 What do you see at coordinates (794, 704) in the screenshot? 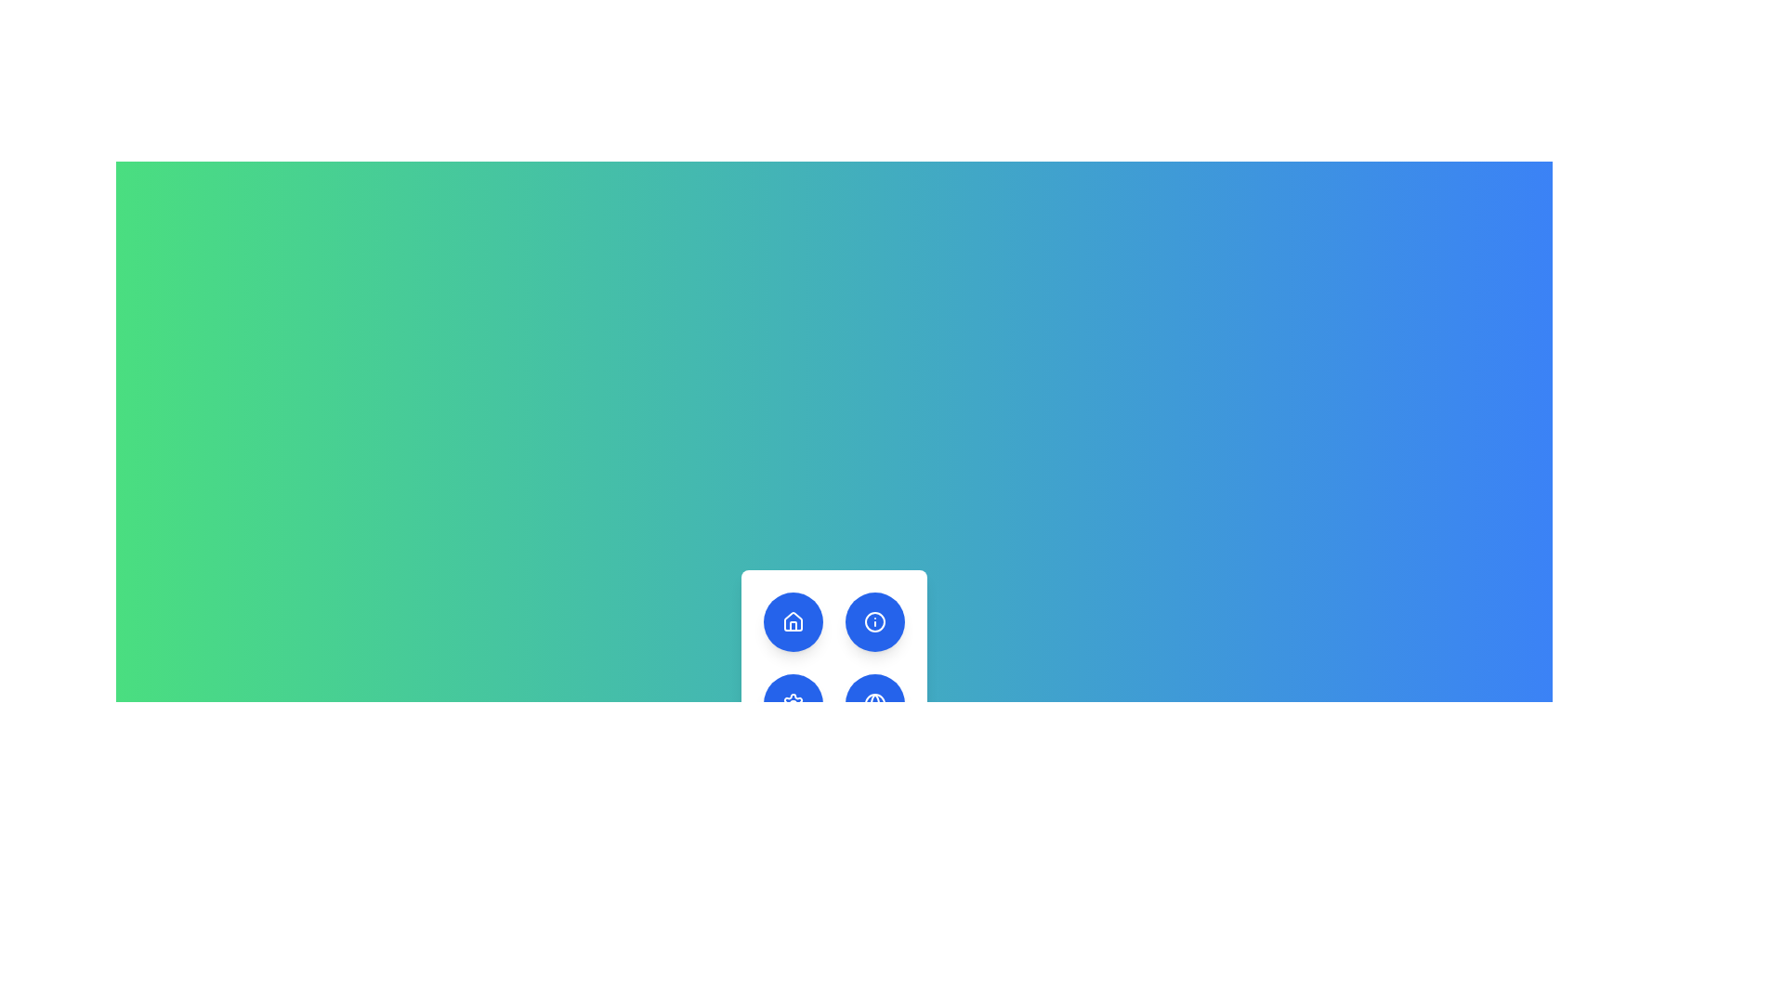
I see `the Icon button represented by a gear-like structure within a circular blue button, located in the bottom row, first column of a grid layout, for keyboard interaction` at bounding box center [794, 704].